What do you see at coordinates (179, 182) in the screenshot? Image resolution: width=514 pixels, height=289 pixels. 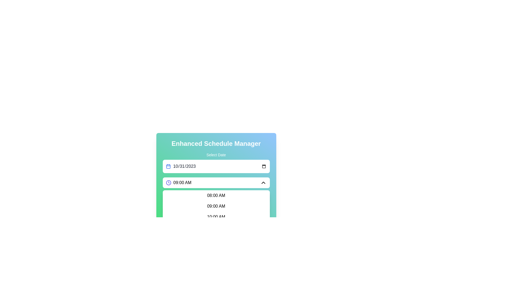 I see `the Time Indicator, which displays the time '09:00 AM' next to a blue clock icon` at bounding box center [179, 182].